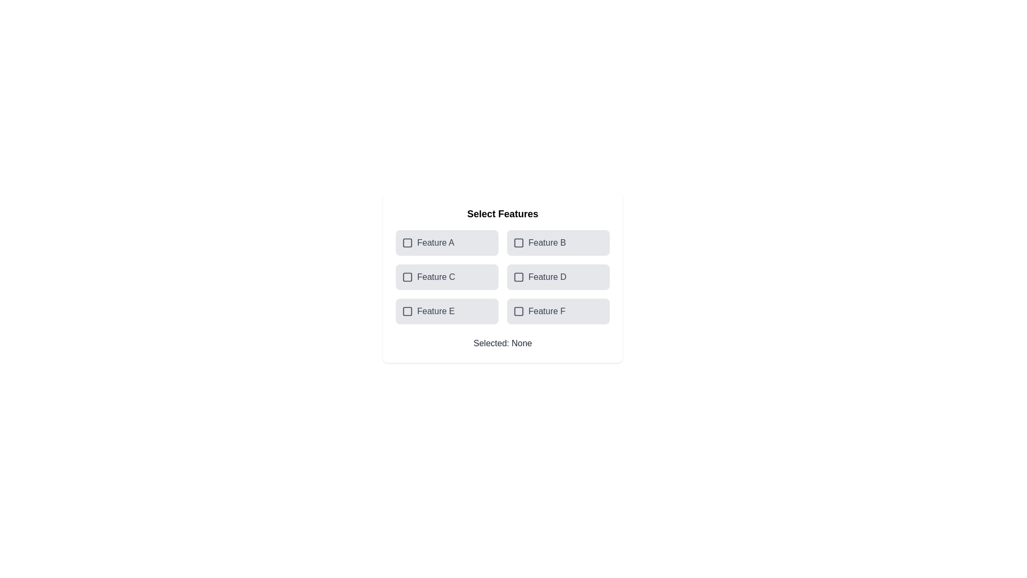  What do you see at coordinates (436, 276) in the screenshot?
I see `text label for the selection box labeled 'Feature C' located in the second row, first column of the grid layout` at bounding box center [436, 276].